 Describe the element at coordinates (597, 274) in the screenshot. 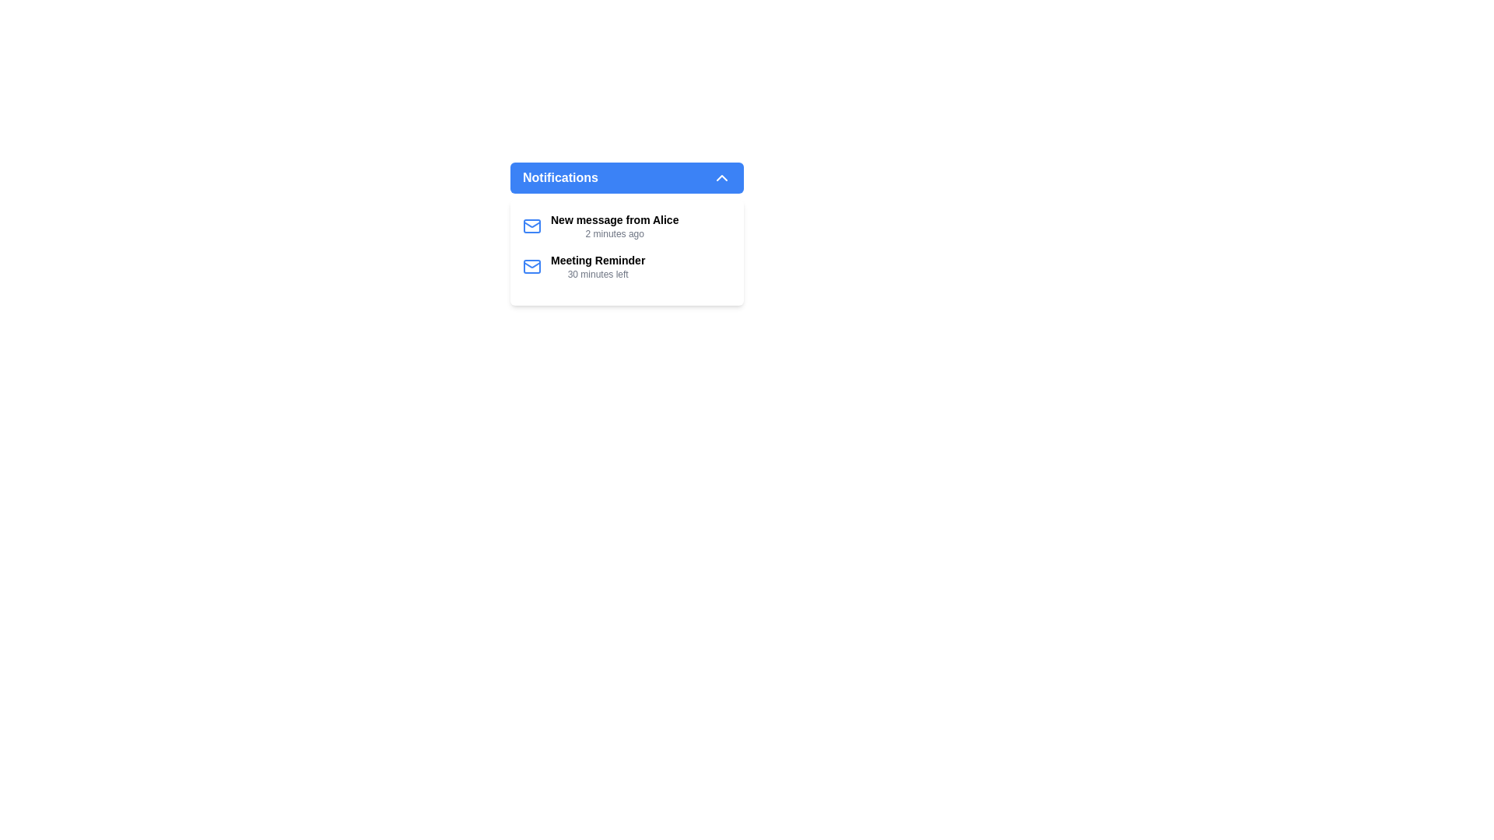

I see `the text label displaying '30 minutes left', which is located below the 'Meeting Reminder' title within the Notifications panel` at that location.